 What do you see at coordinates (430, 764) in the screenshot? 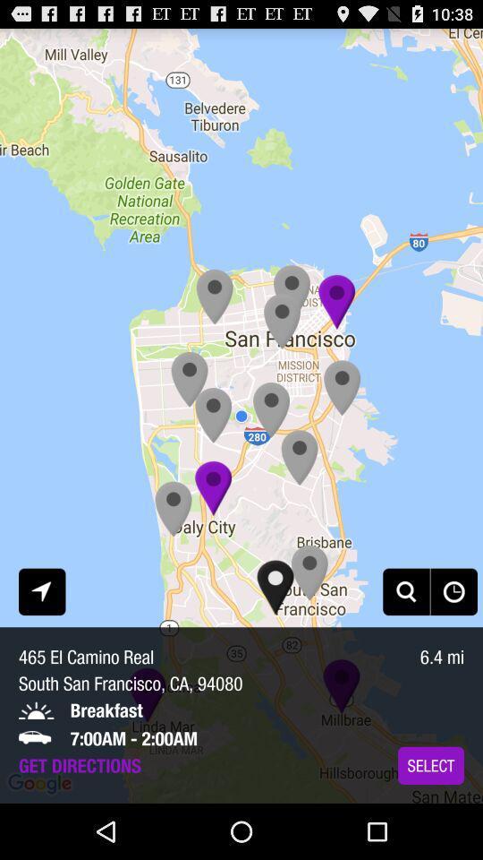
I see `item to the right of 7 00am 2` at bounding box center [430, 764].